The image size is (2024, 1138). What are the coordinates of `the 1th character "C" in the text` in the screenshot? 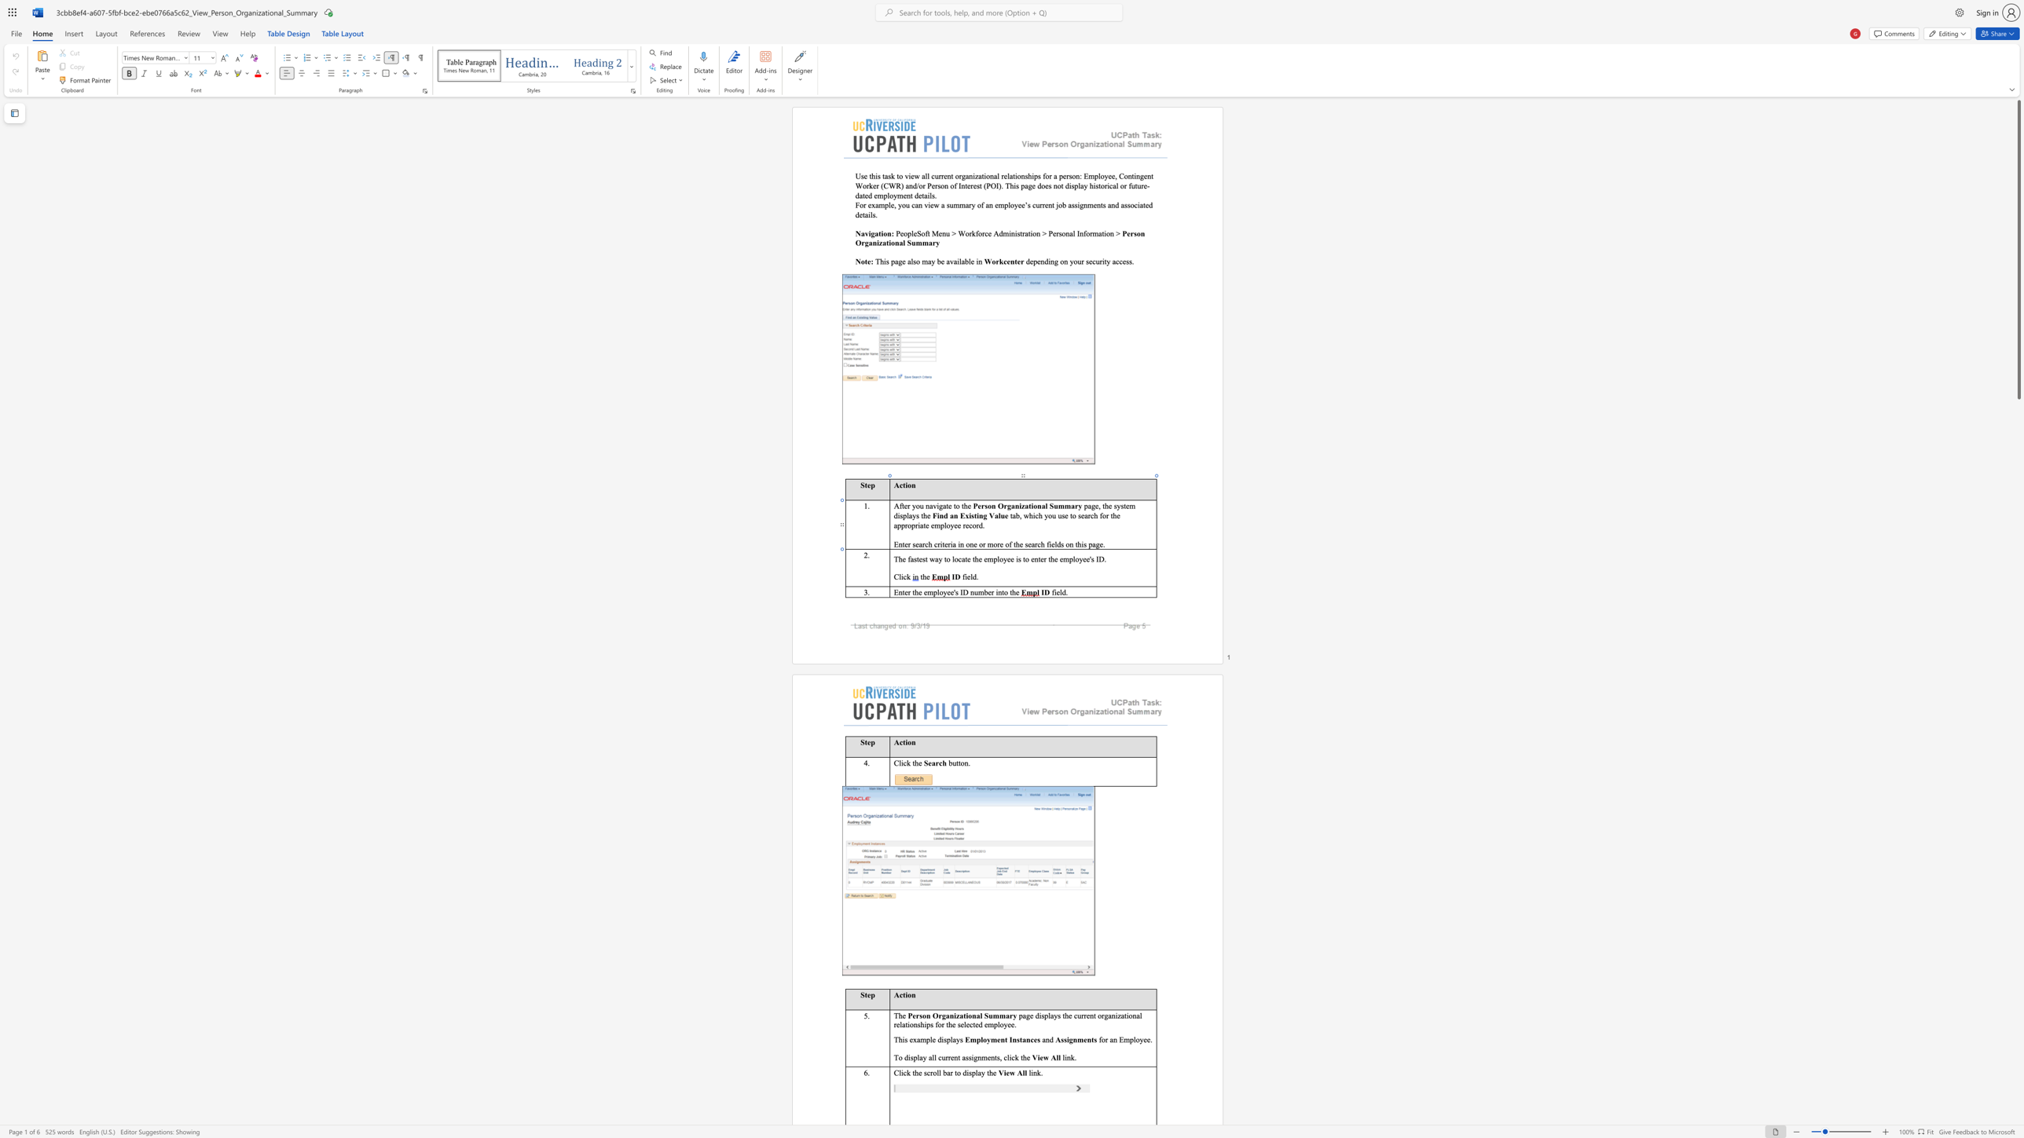 It's located at (896, 763).